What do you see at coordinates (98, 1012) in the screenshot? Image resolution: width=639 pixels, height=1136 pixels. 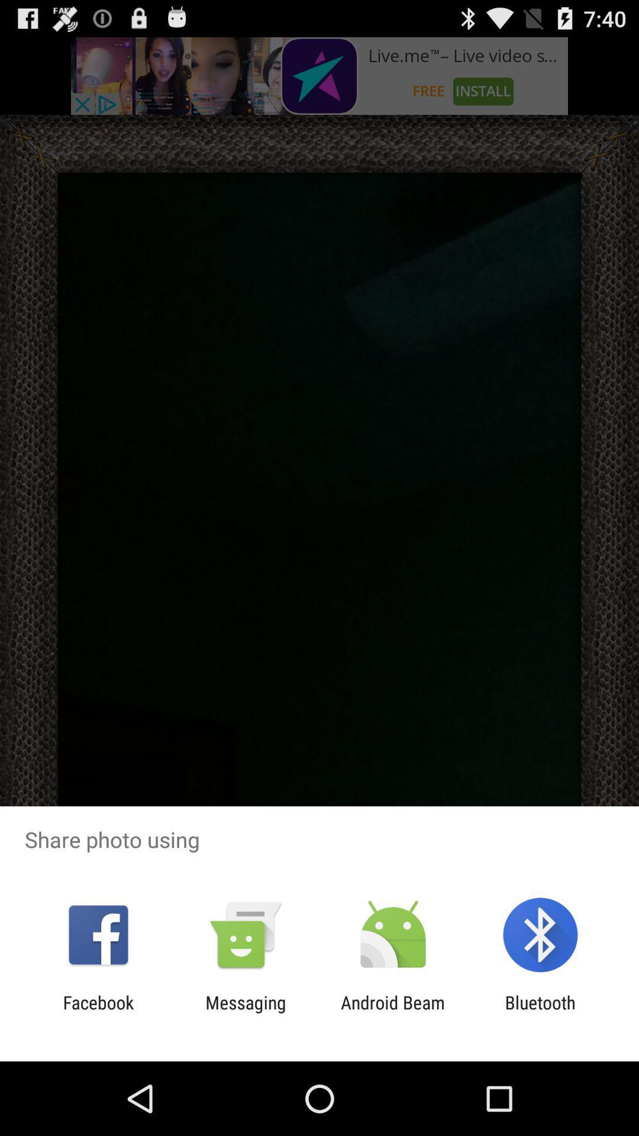 I see `app next to messaging item` at bounding box center [98, 1012].